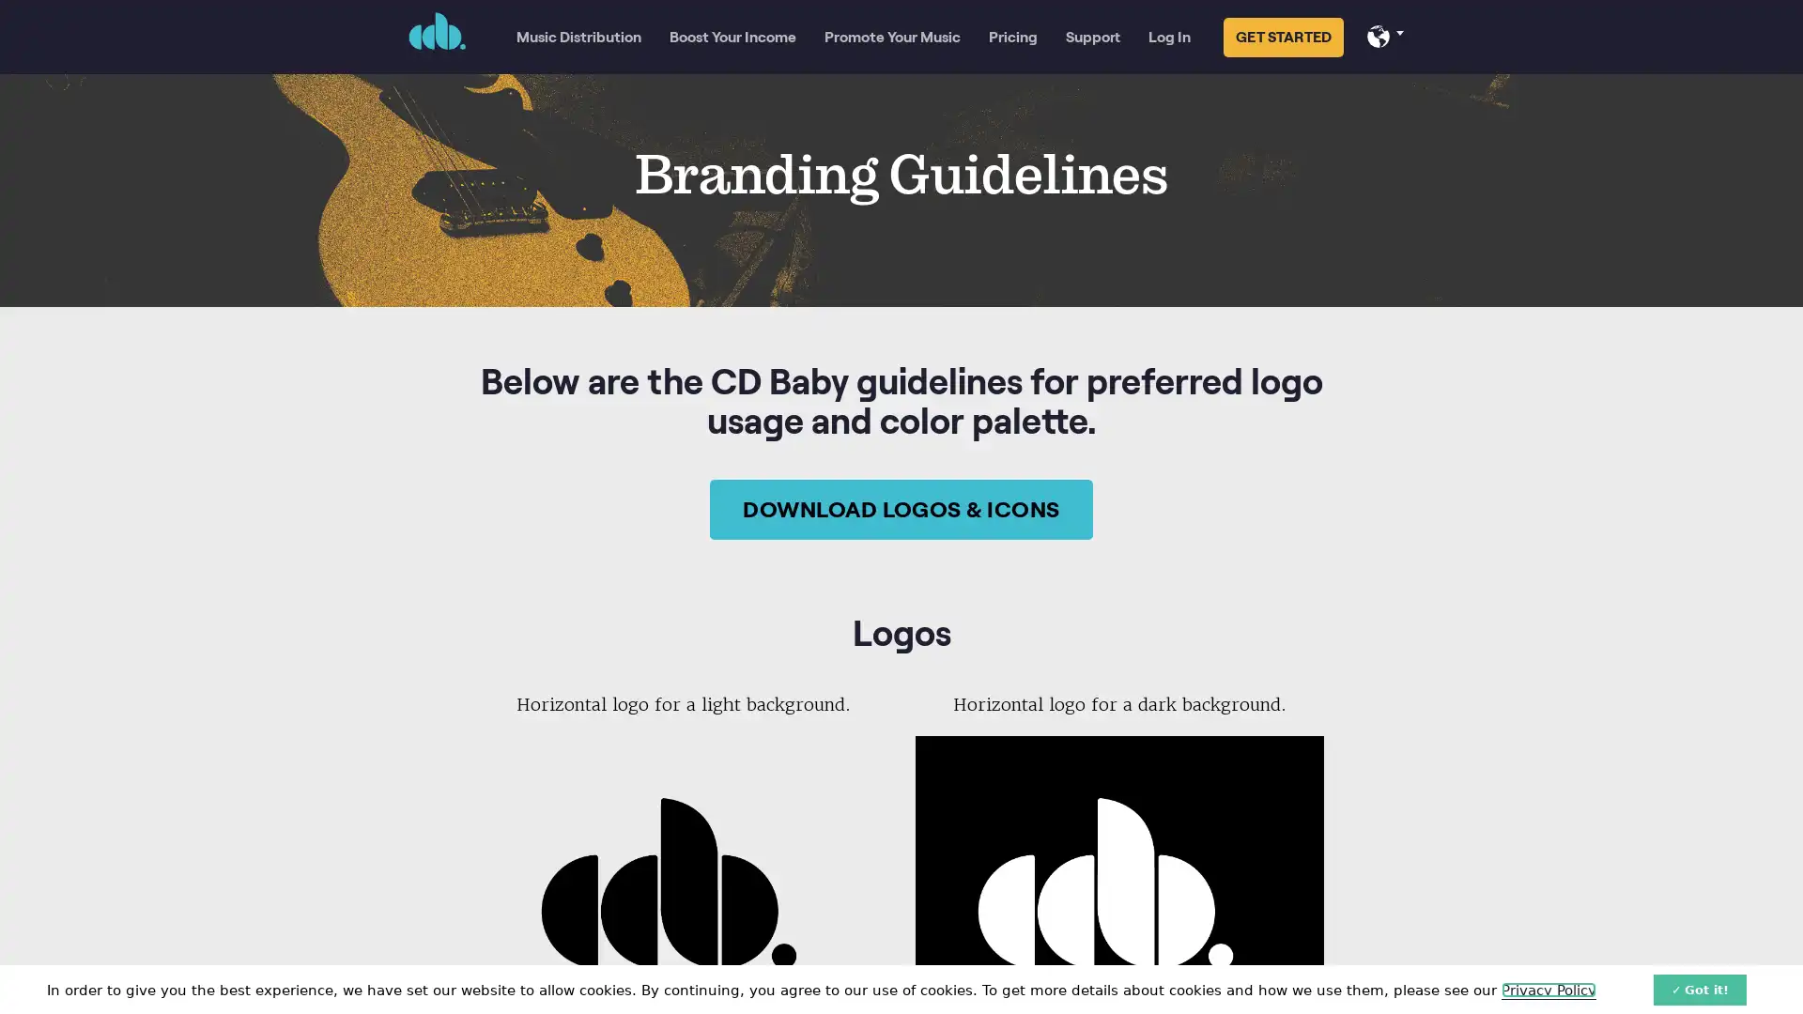 Image resolution: width=1803 pixels, height=1014 pixels. What do you see at coordinates (1379, 37) in the screenshot?
I see `Select your language` at bounding box center [1379, 37].